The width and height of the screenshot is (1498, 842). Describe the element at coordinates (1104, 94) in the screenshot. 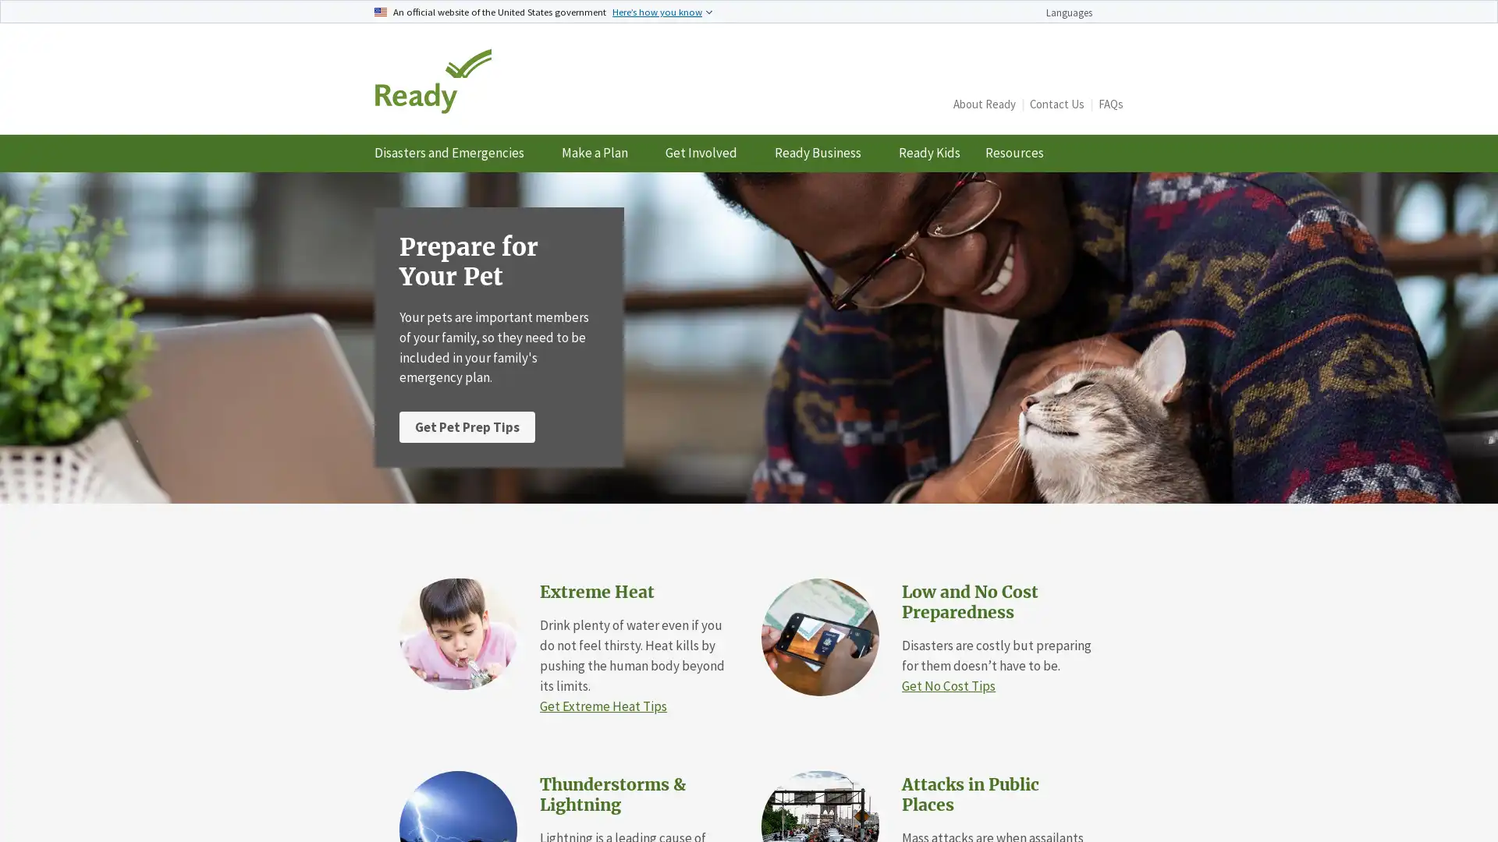

I see `Search` at that location.